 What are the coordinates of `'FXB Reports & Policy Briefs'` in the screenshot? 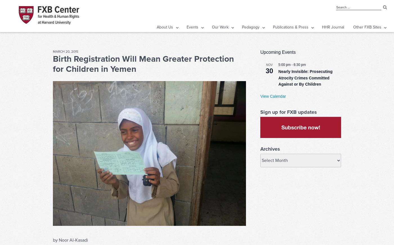 It's located at (282, 38).